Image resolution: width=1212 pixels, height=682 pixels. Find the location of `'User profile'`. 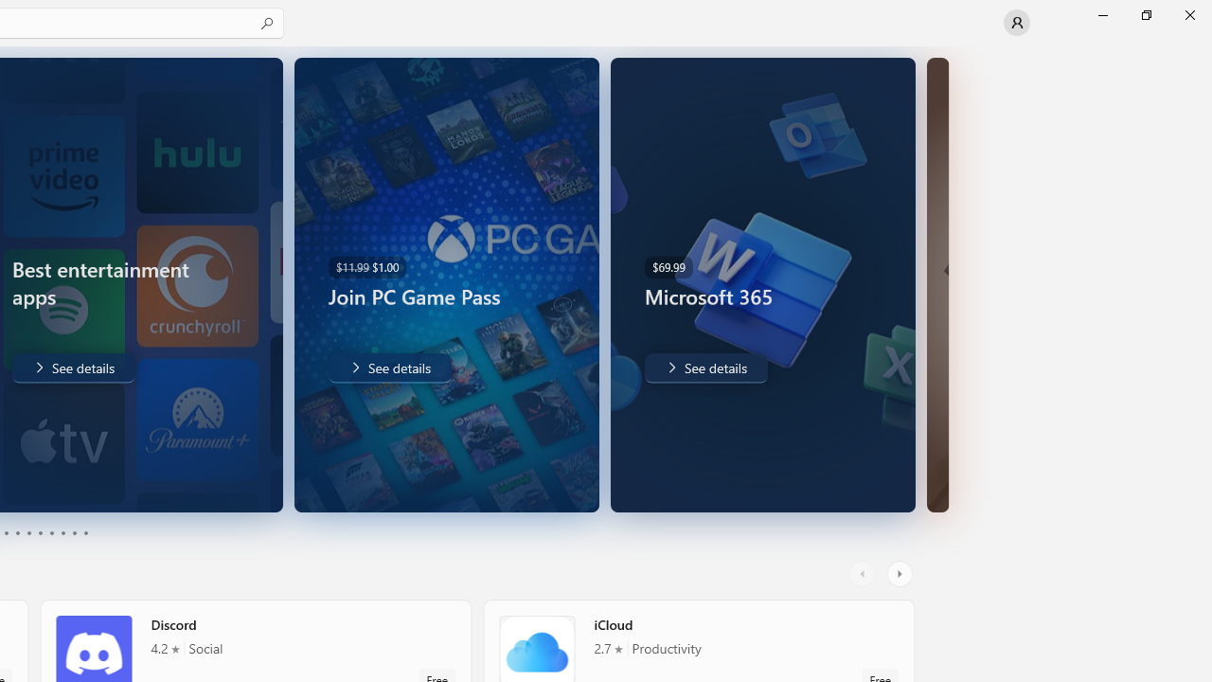

'User profile' is located at coordinates (1015, 23).